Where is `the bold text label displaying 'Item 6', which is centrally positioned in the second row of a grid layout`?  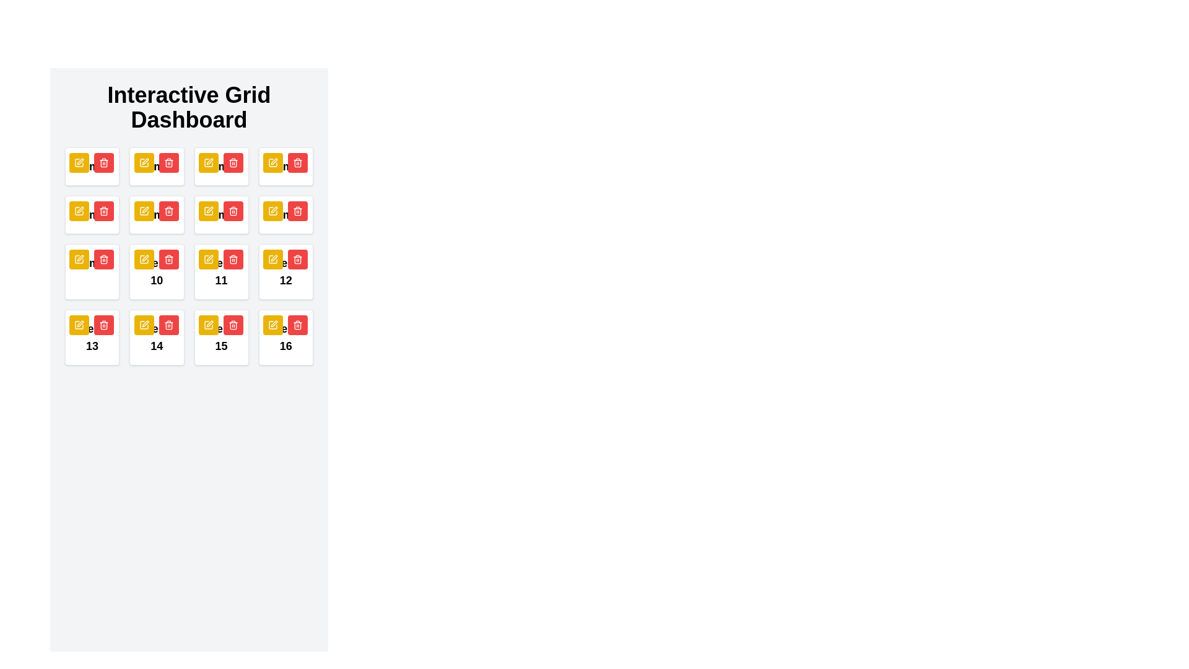
the bold text label displaying 'Item 6', which is centrally positioned in the second row of a grid layout is located at coordinates (156, 214).